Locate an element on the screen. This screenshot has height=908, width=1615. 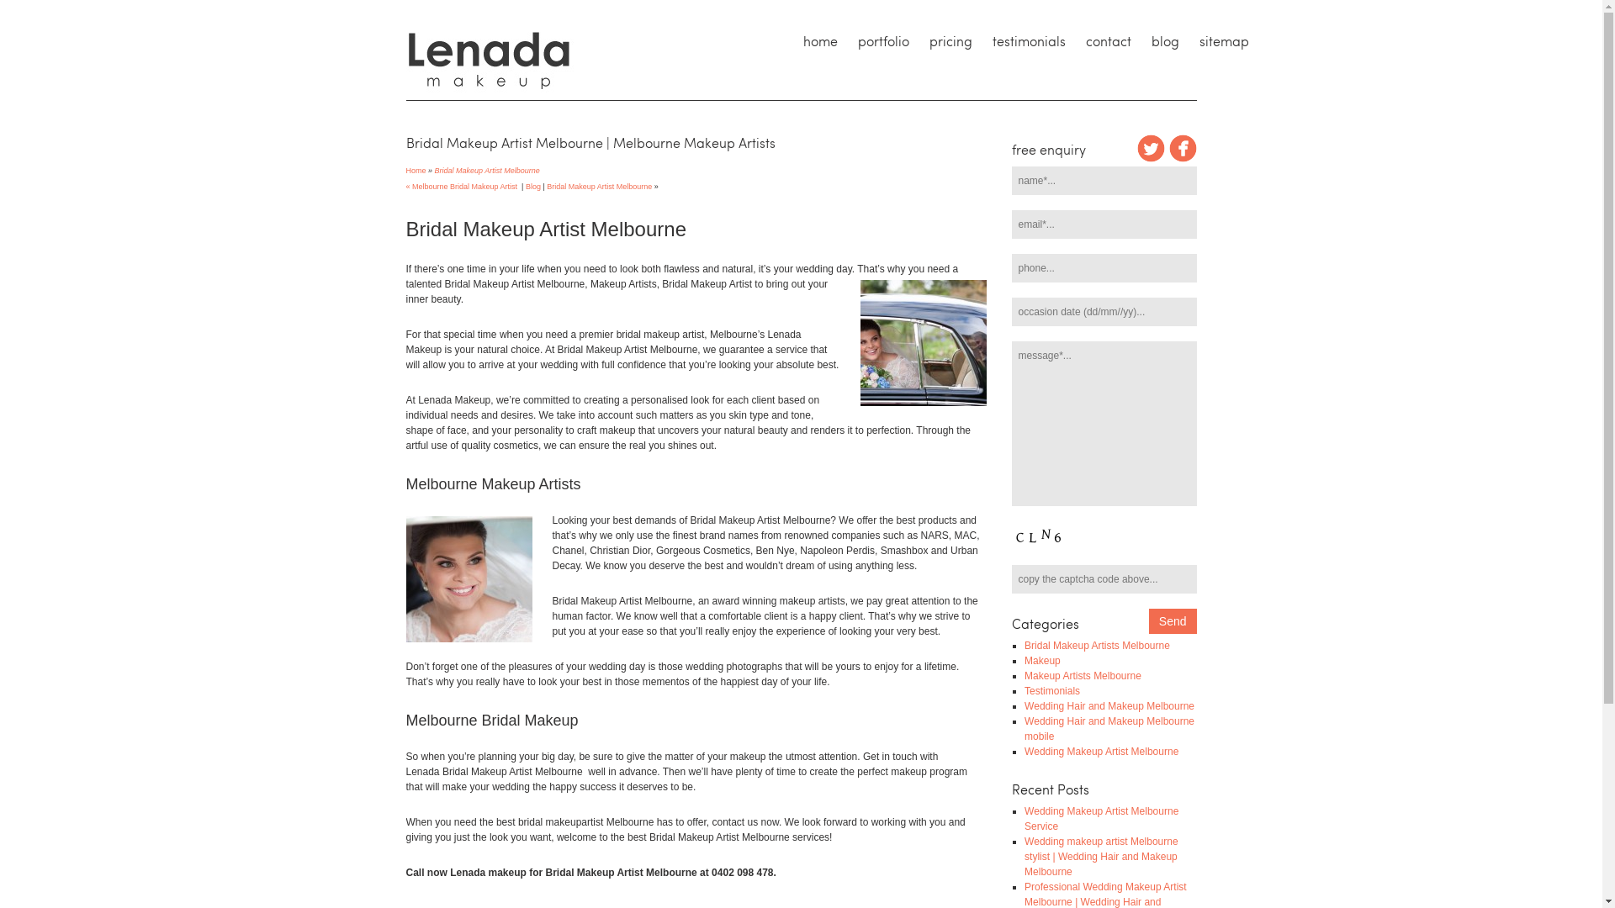
'Makeup Artists Melbourne' is located at coordinates (1083, 674).